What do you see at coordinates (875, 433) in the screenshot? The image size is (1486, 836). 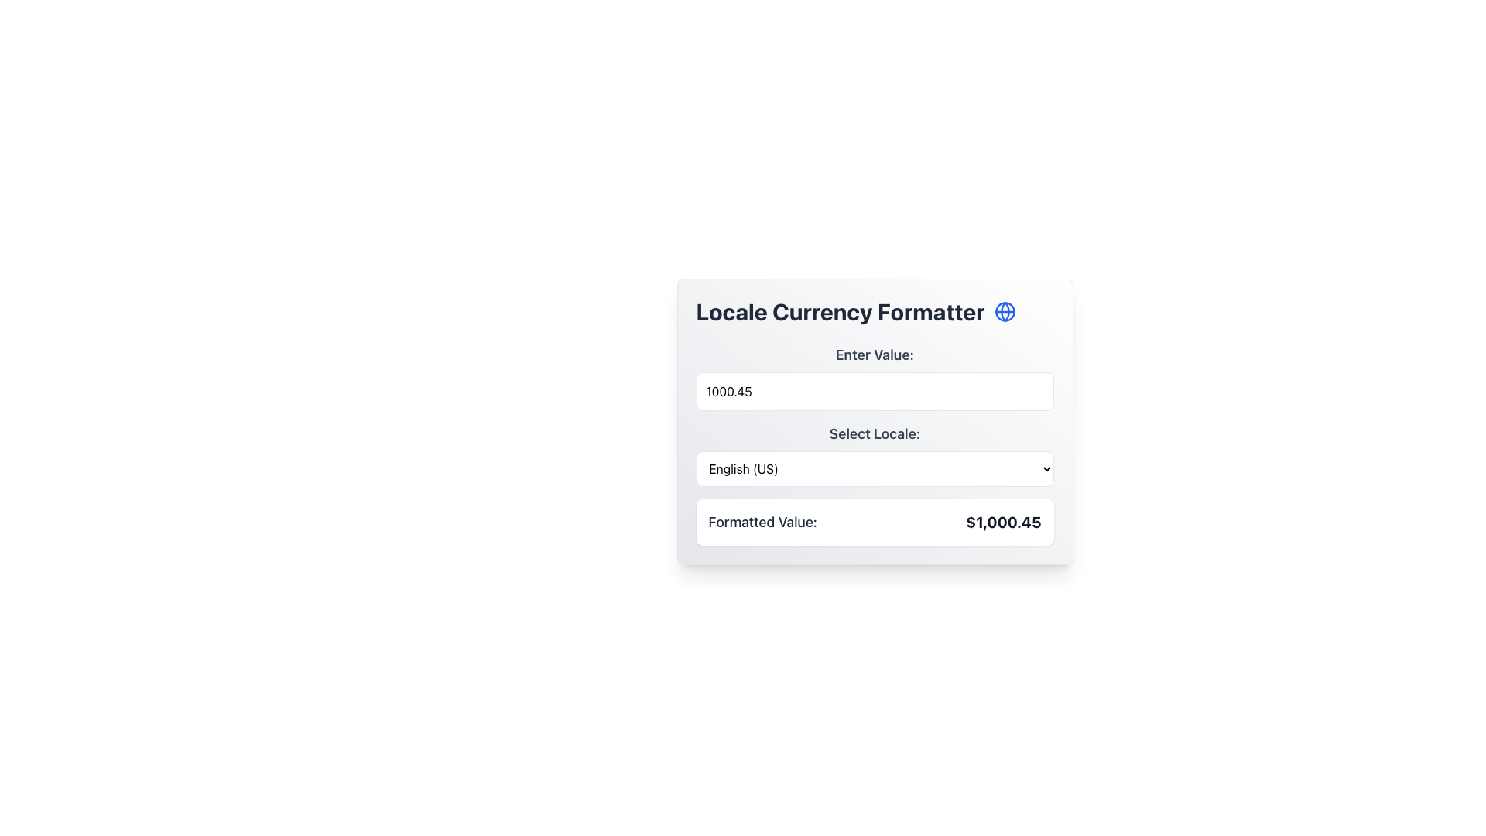 I see `the header text that instructs users to 'Select Locale' above the dropdown menu in the 'Locale Selector' component` at bounding box center [875, 433].